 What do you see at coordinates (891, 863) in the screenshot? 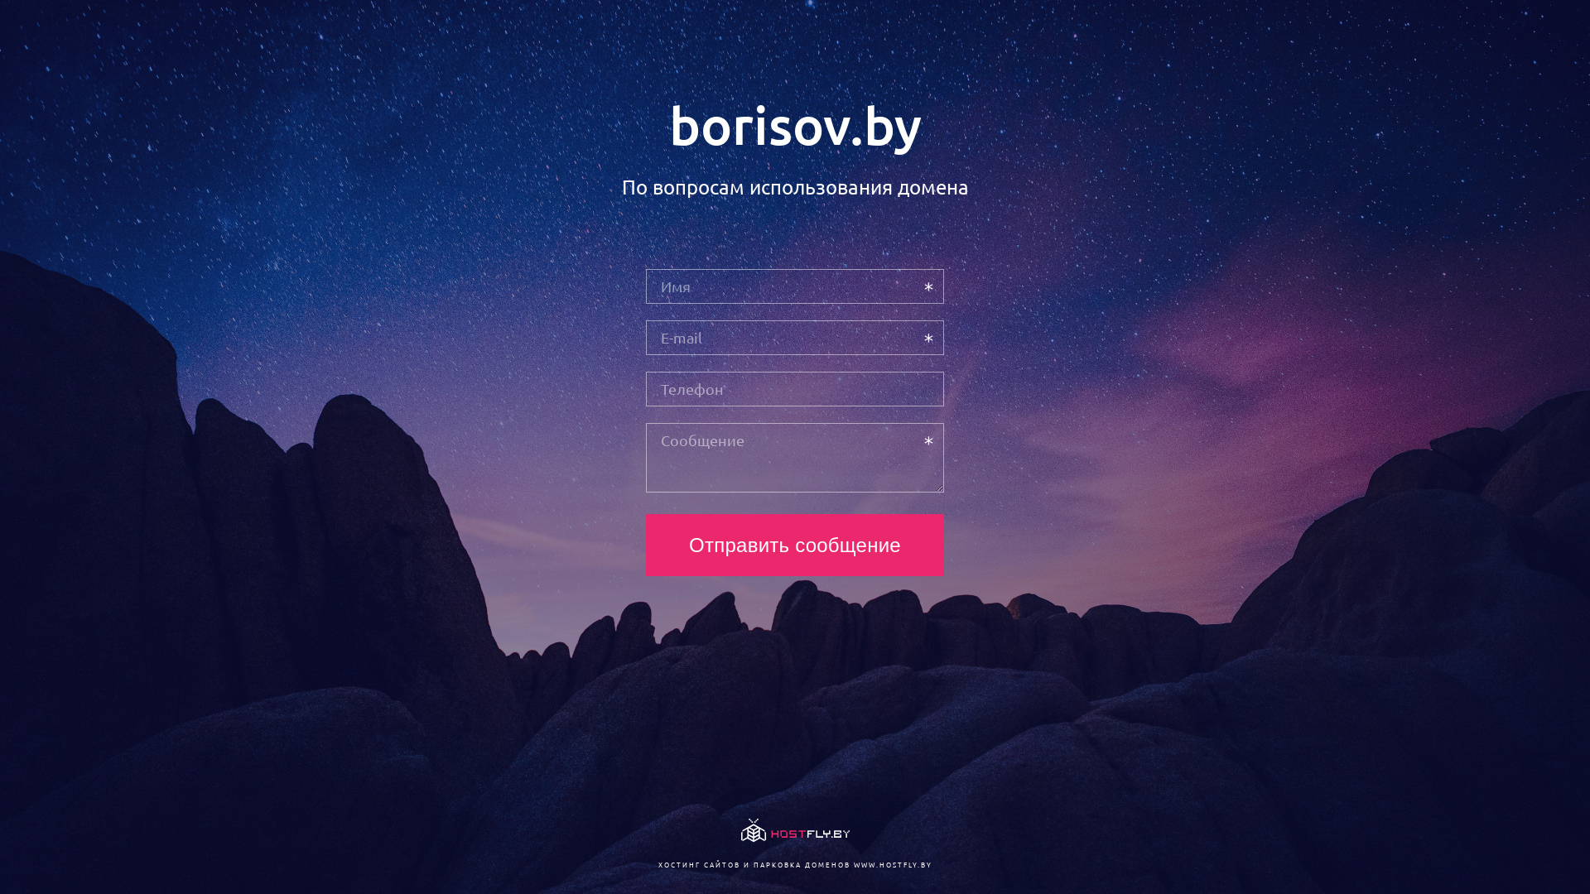
I see `'WWW.HOSTFLY.BY'` at bounding box center [891, 863].